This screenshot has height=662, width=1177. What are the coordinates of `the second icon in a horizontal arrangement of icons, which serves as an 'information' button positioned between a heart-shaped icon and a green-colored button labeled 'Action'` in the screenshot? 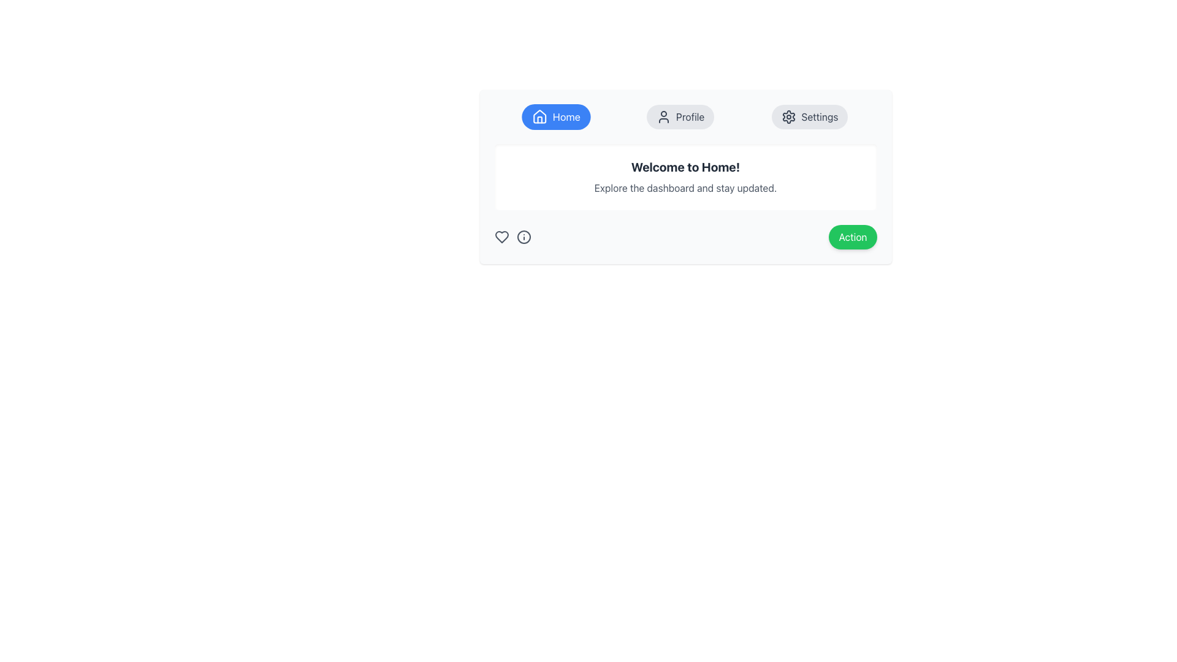 It's located at (524, 237).